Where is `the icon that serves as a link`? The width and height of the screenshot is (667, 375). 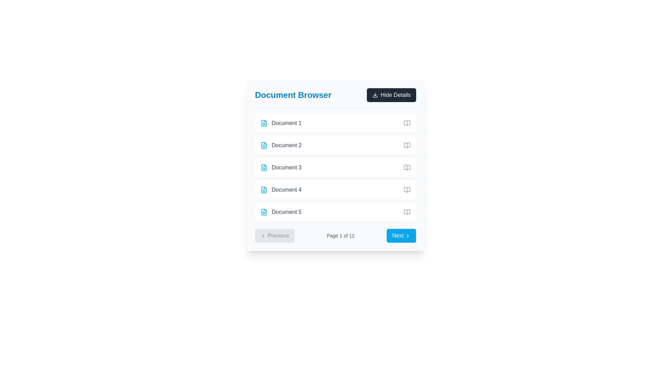
the icon that serves as a link is located at coordinates (407, 167).